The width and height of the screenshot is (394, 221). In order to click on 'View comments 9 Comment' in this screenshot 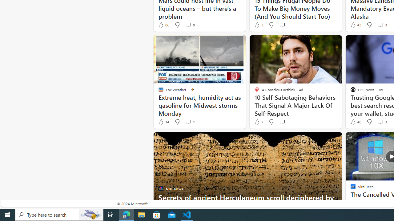, I will do `click(188, 25)`.